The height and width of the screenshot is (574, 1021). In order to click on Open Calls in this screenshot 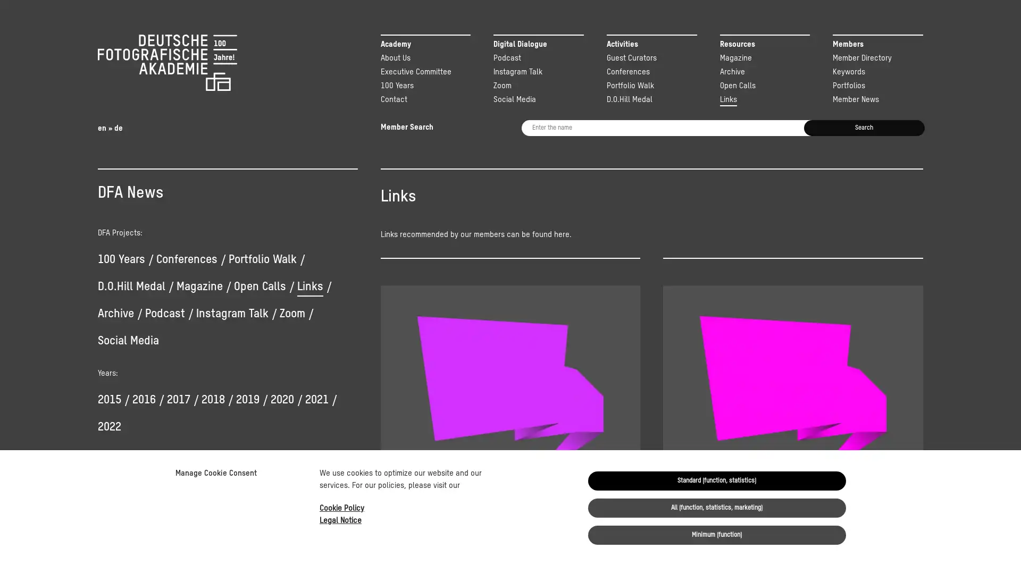, I will do `click(260, 287)`.